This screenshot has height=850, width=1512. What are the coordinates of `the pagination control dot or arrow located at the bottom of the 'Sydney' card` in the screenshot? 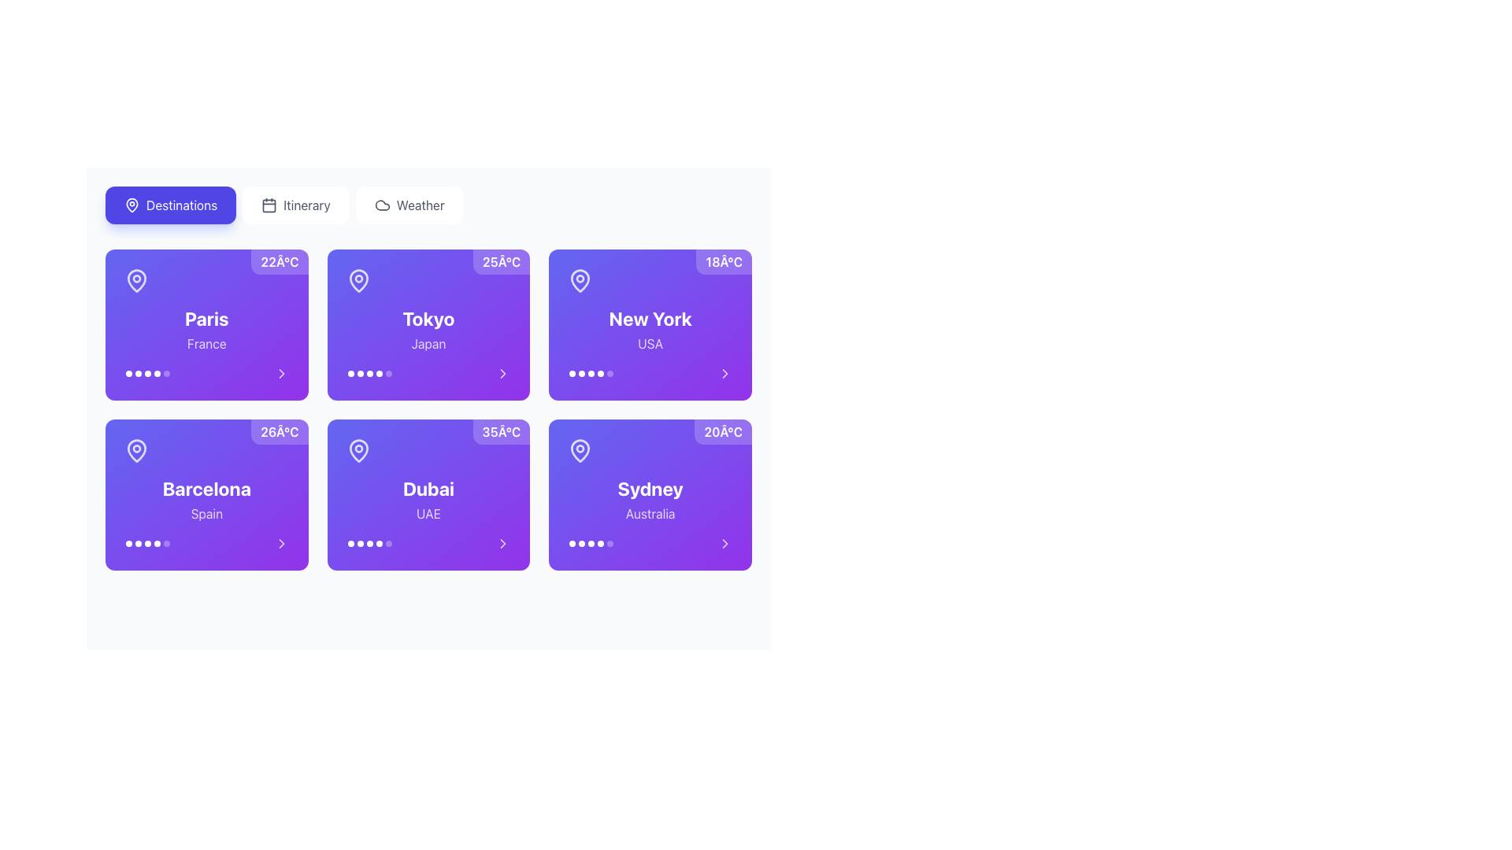 It's located at (650, 542).